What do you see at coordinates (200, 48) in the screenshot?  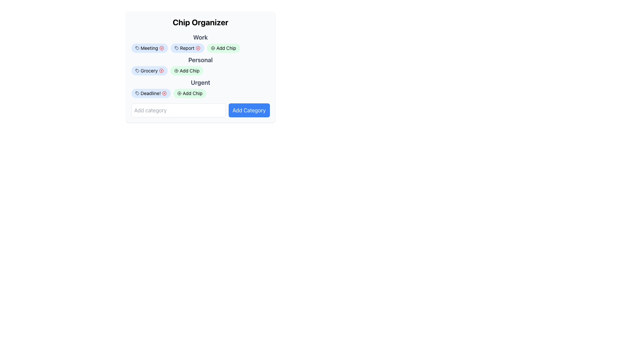 I see `the 'Report' chip, which is the second chip in the 'Work' category row` at bounding box center [200, 48].